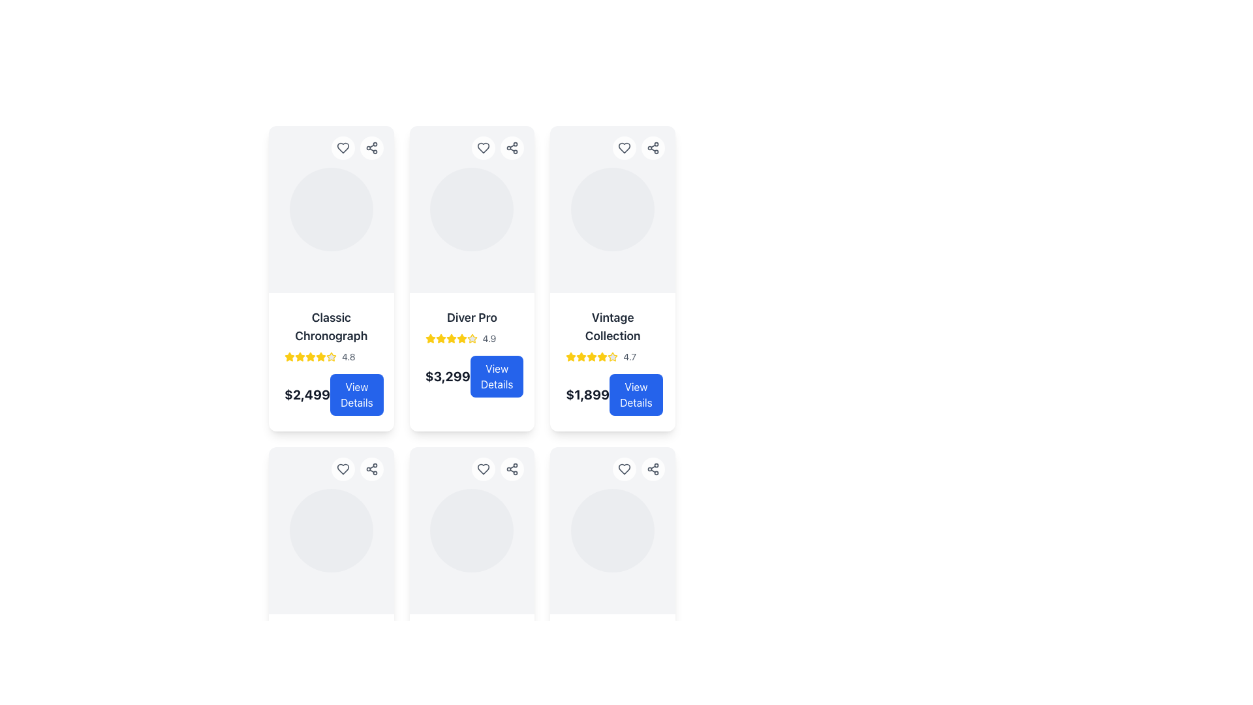  I want to click on displayed price '$1,899' from the bold text label located below the product description and rating section in the Vintage Collection product card, situated in the third column of the top row, so click(587, 394).